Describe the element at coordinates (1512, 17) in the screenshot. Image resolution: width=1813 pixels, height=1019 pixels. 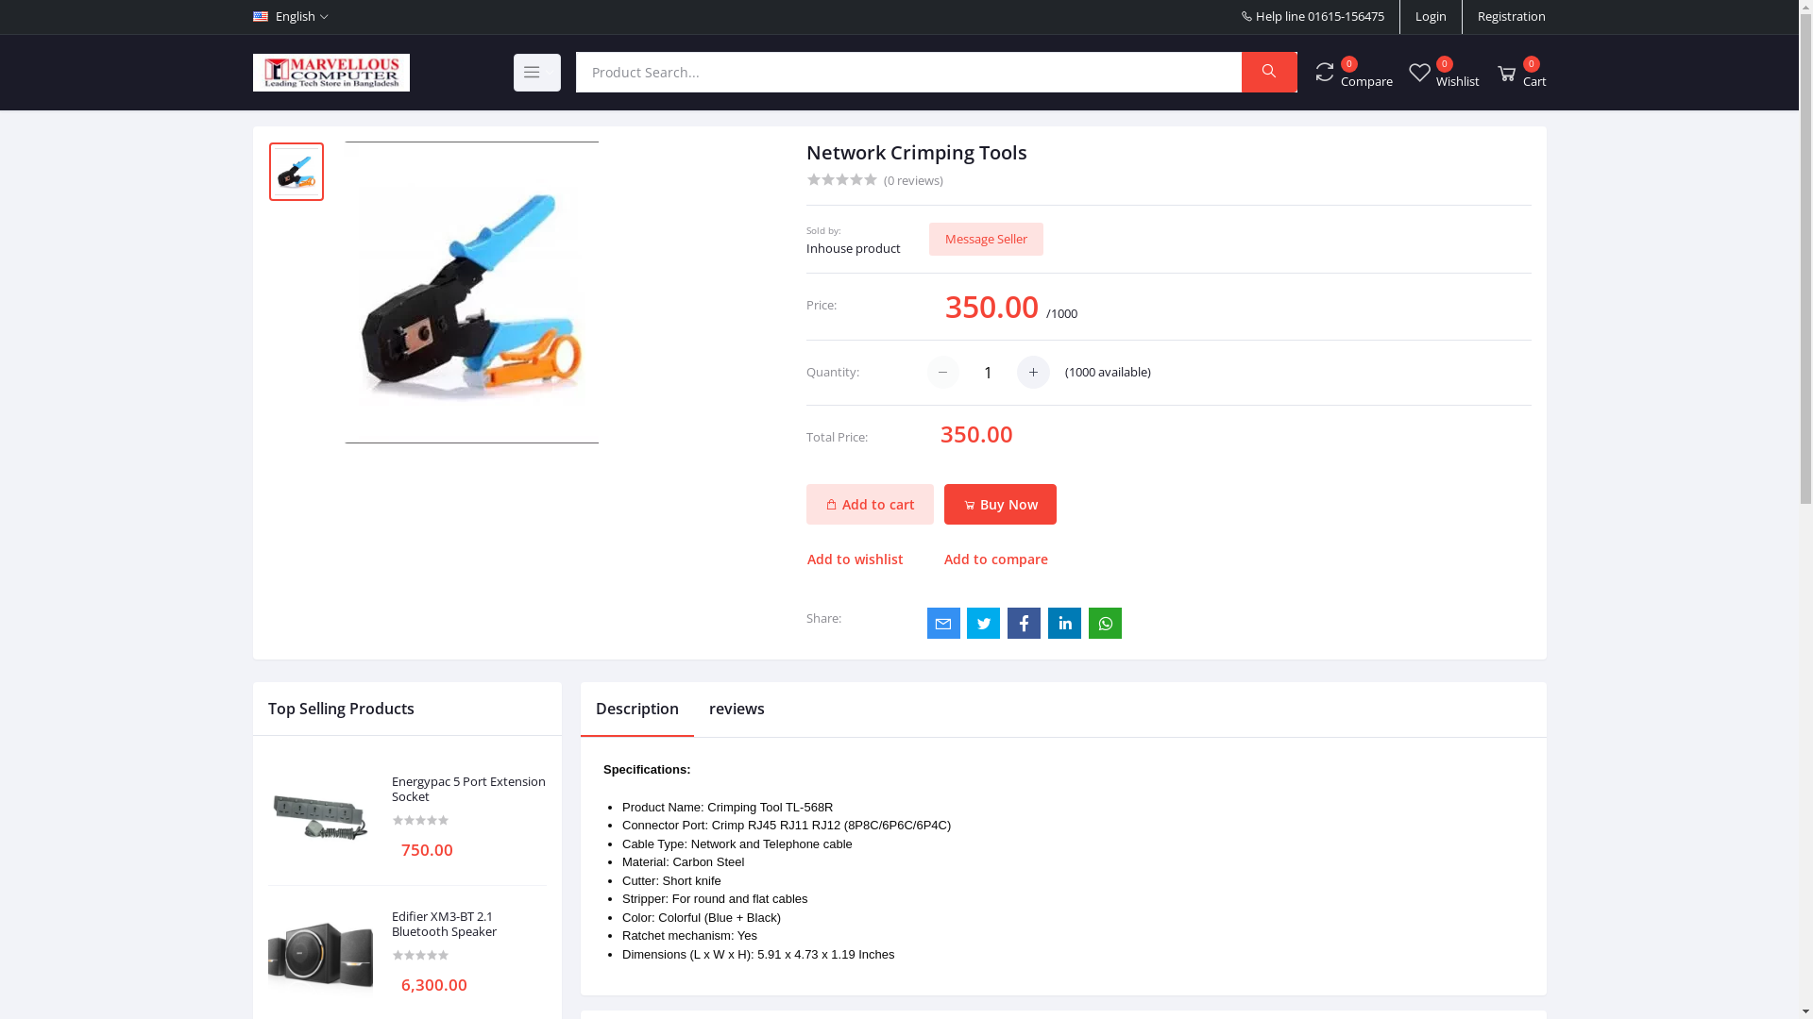
I see `'Registration'` at that location.